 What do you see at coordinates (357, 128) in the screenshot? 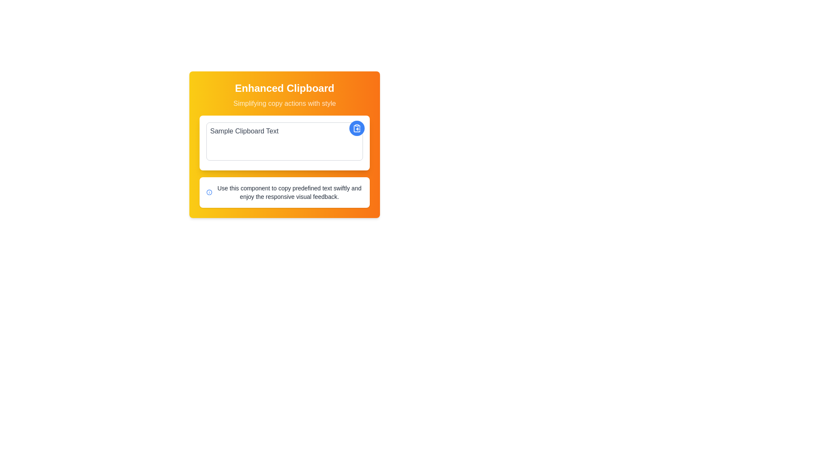
I see `the clipboard icon located within the blue circular button at the top-right corner of the 'Enhanced Clipboard' component to copy text or content to the clipboard` at bounding box center [357, 128].